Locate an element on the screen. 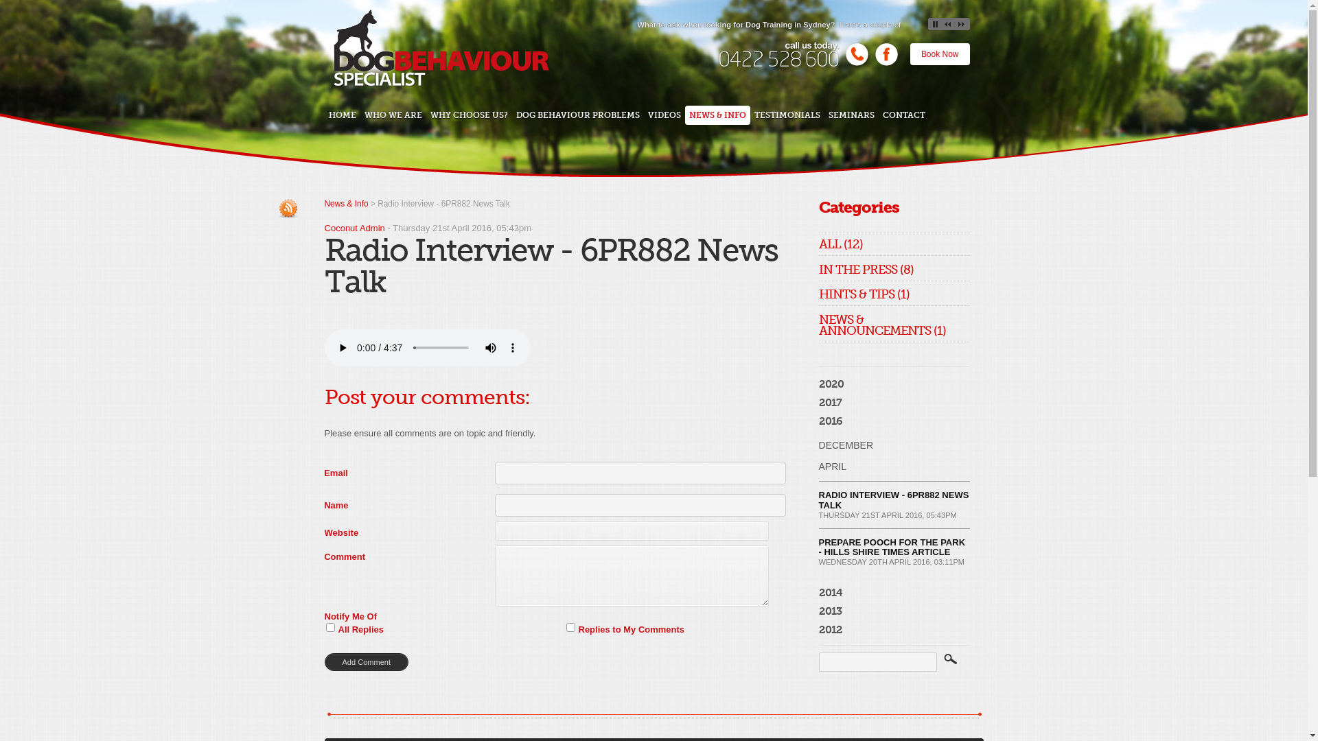 The height and width of the screenshot is (741, 1318). 'NEWS & INFO' is located at coordinates (717, 115).